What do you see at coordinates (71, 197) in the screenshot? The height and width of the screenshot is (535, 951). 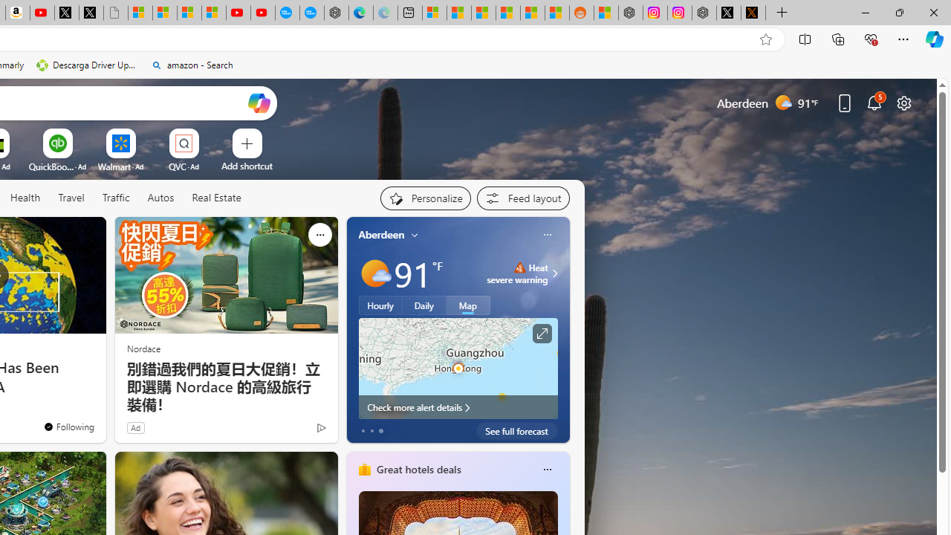 I see `'Travel'` at bounding box center [71, 197].